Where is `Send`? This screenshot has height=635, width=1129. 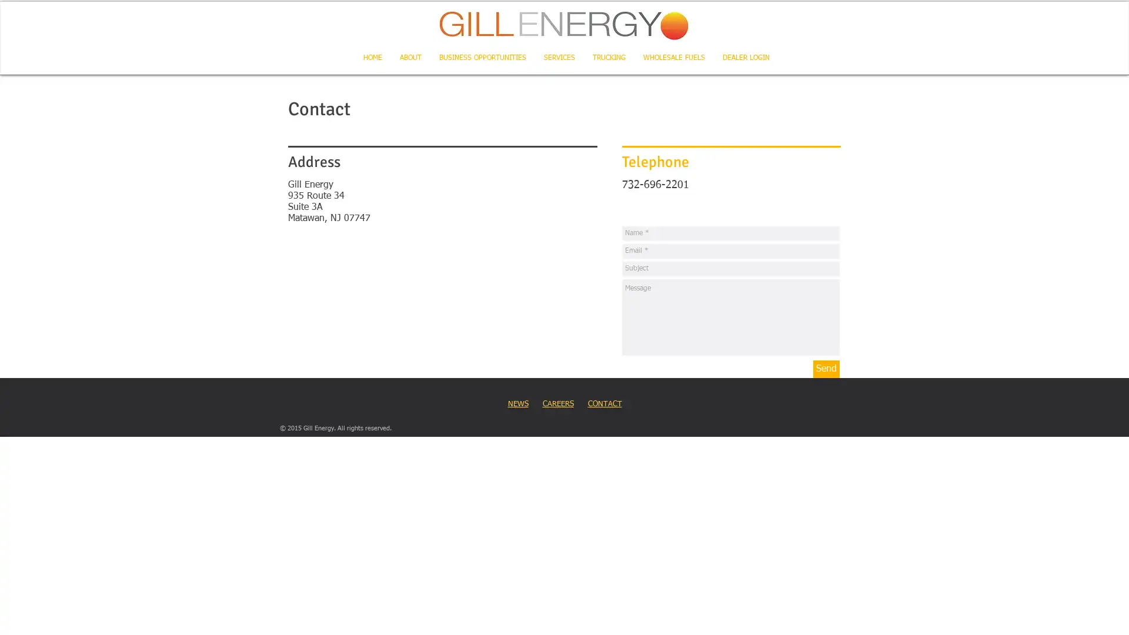 Send is located at coordinates (826, 369).